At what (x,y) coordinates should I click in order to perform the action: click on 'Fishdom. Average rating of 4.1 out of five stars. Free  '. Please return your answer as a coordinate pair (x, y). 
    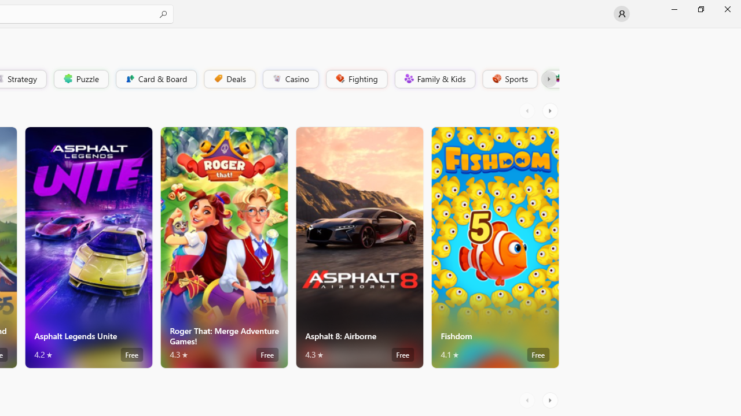
    Looking at the image, I should click on (495, 247).